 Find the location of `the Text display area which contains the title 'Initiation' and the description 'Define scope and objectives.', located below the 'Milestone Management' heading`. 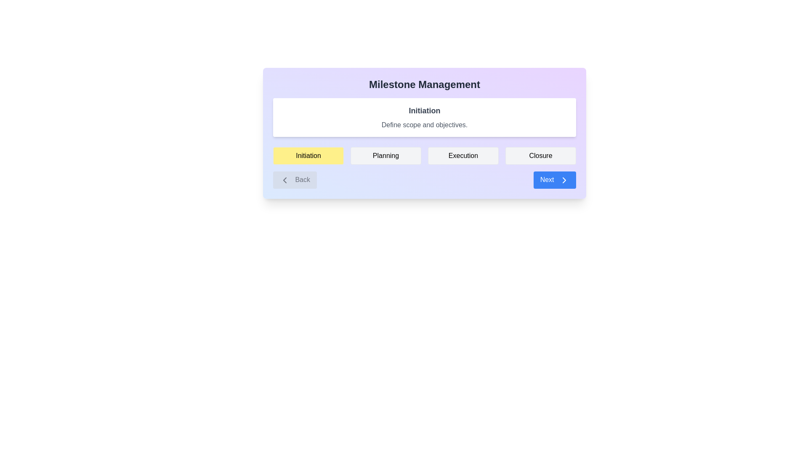

the Text display area which contains the title 'Initiation' and the description 'Define scope and objectives.', located below the 'Milestone Management' heading is located at coordinates (424, 117).